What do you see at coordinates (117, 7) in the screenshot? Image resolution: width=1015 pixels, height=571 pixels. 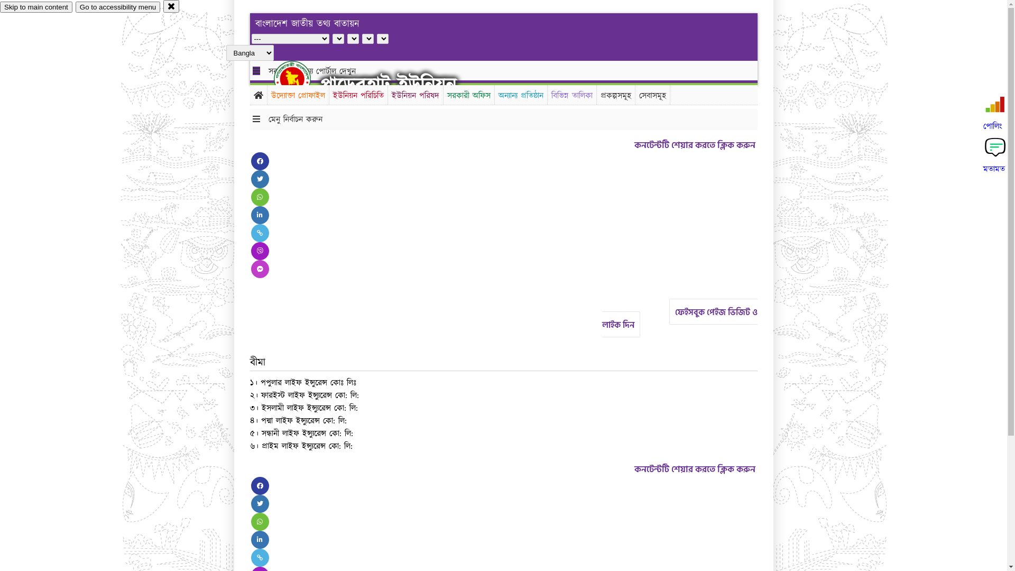 I see `'Go to accessibility menu'` at bounding box center [117, 7].